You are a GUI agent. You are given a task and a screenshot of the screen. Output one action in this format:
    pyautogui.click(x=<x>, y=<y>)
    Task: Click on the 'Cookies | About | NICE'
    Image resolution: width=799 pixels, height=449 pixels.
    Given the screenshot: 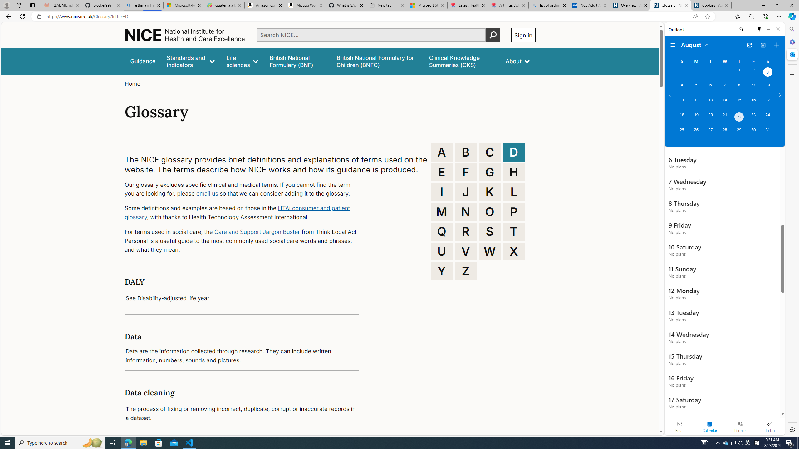 What is the action you would take?
    pyautogui.click(x=711, y=5)
    